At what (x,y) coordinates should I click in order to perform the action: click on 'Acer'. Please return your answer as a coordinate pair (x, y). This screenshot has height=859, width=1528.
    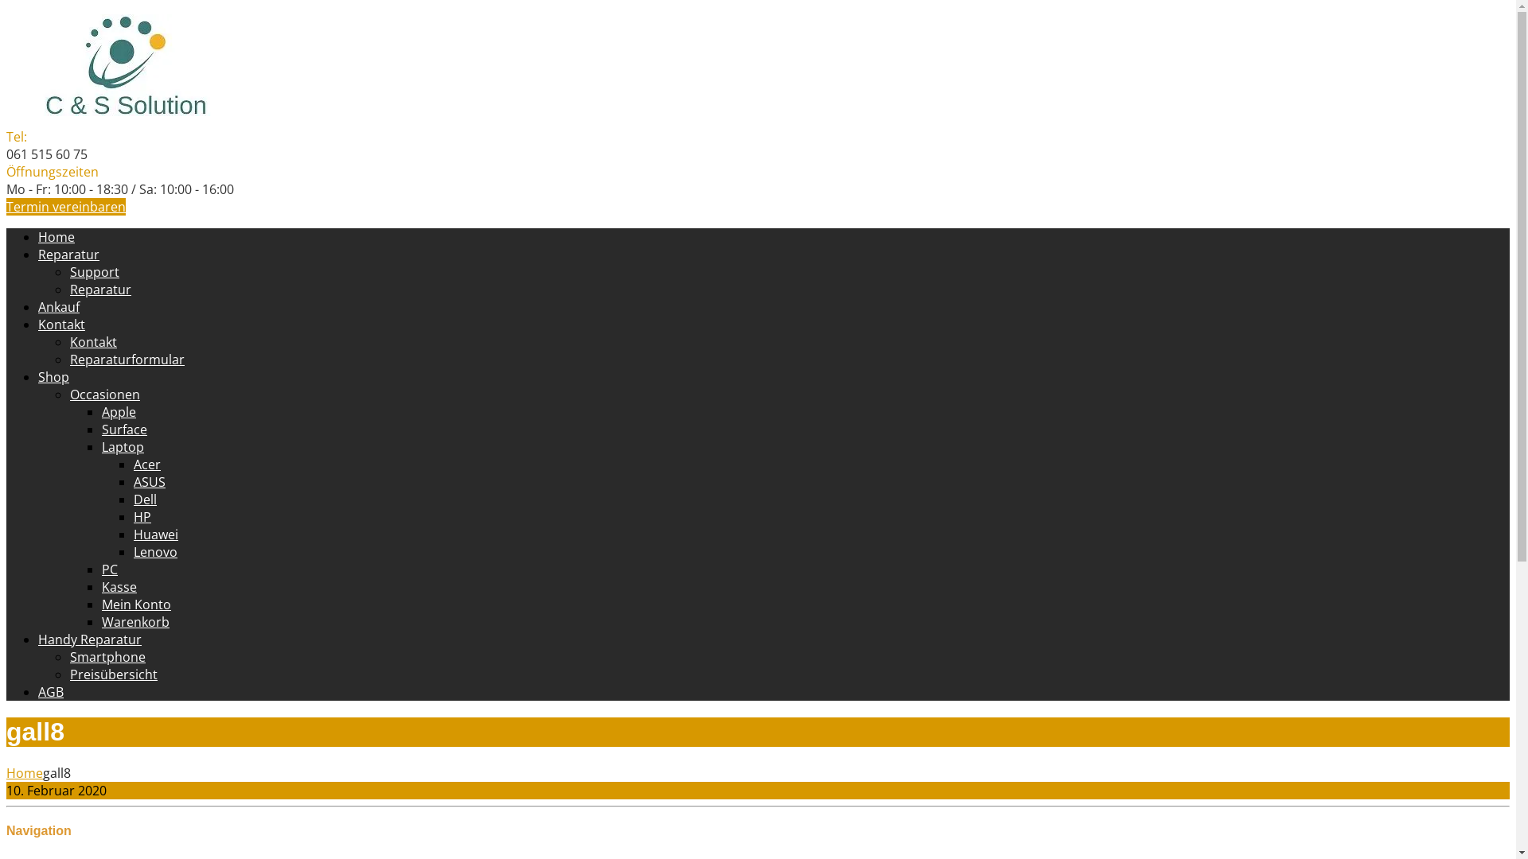
    Looking at the image, I should click on (134, 464).